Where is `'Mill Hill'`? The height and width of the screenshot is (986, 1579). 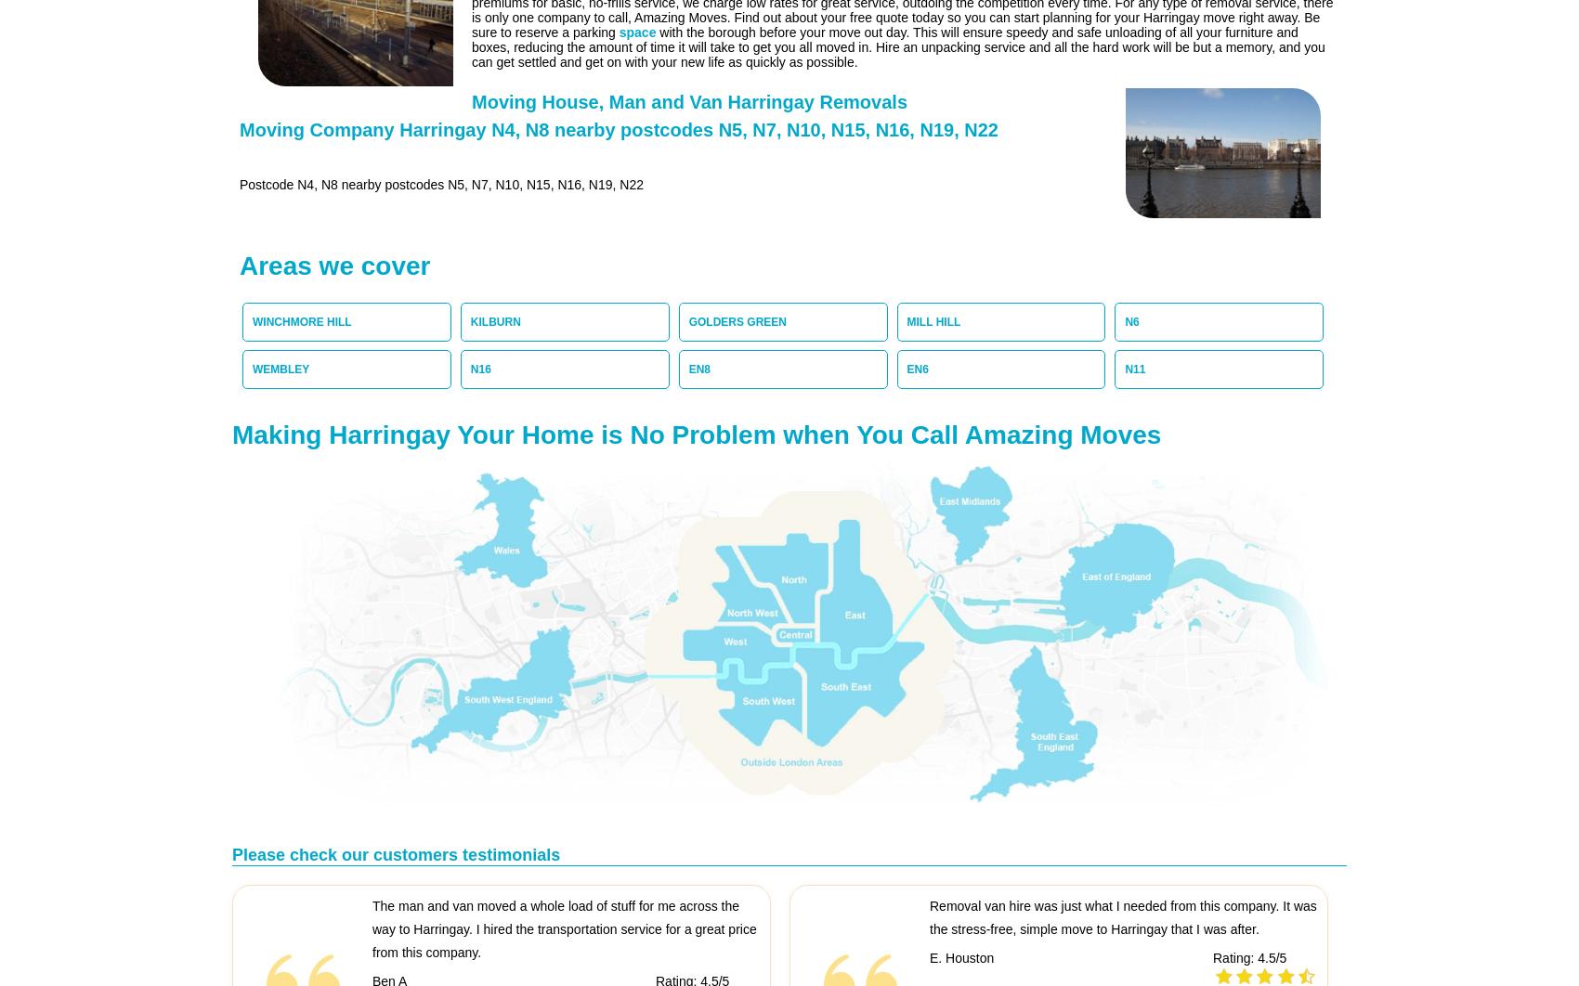 'Mill Hill' is located at coordinates (905, 320).